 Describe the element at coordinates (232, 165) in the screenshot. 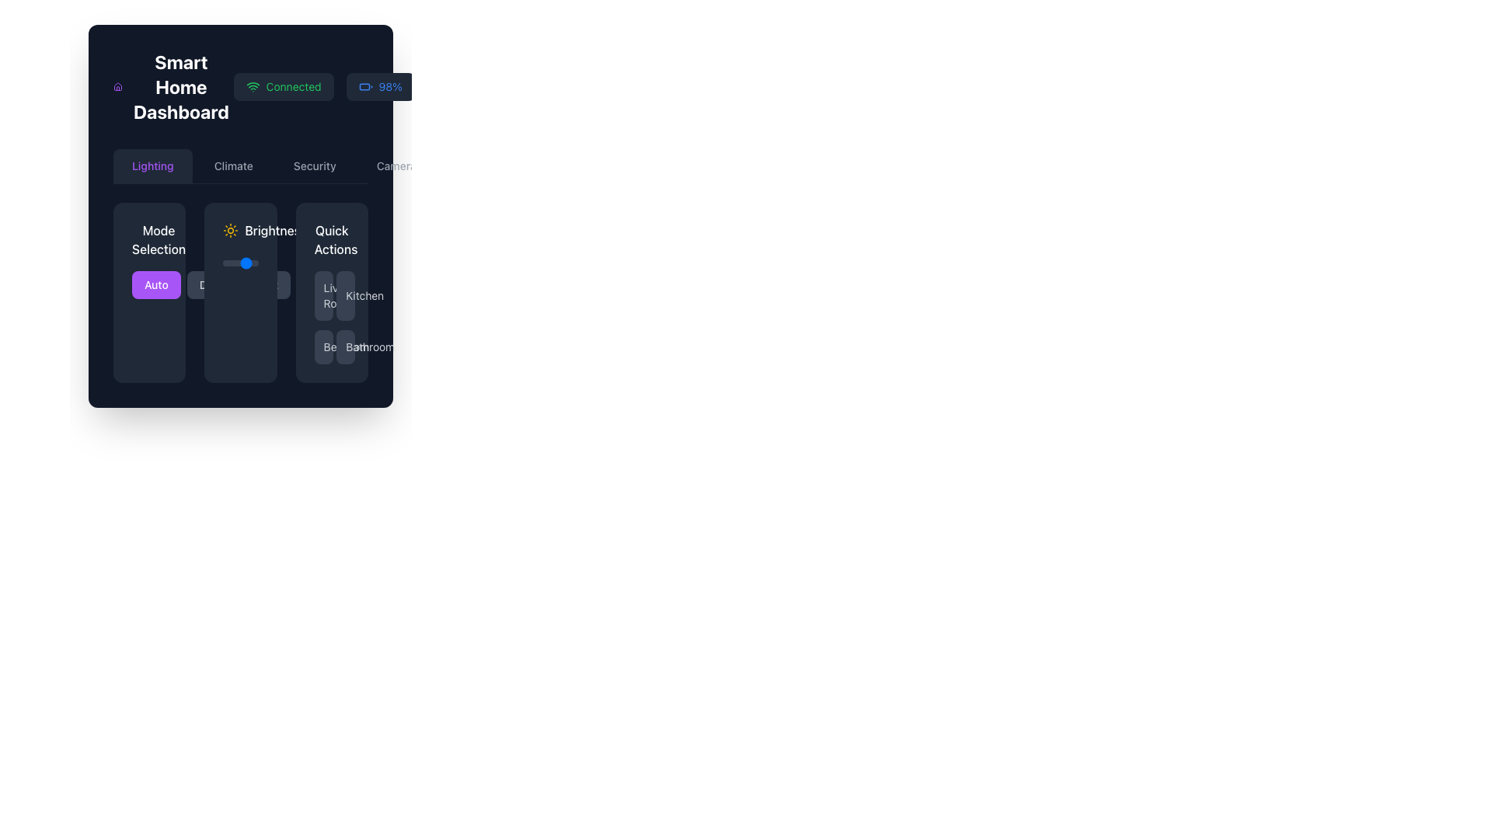

I see `the 'Climate' button, which is the second tab in a group of four tabs labeled 'Lighting', 'Climate', 'Security', and 'Cameras'` at that location.